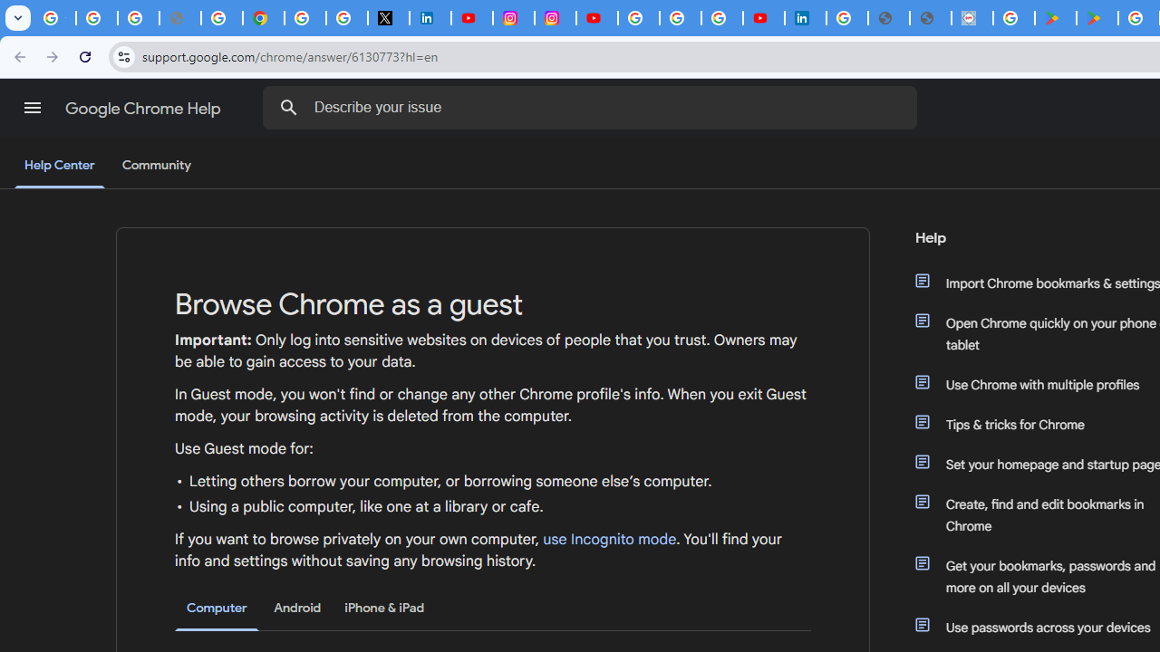  What do you see at coordinates (59, 166) in the screenshot?
I see `'Help Center'` at bounding box center [59, 166].